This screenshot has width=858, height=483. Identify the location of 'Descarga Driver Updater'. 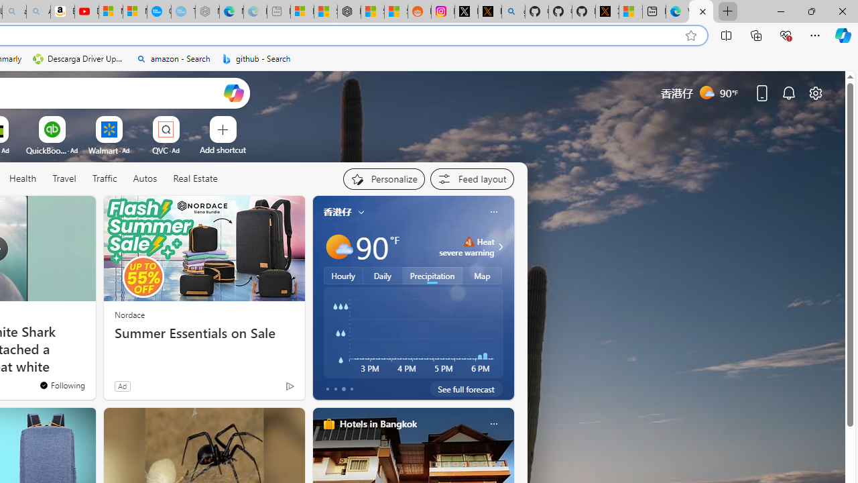
(78, 58).